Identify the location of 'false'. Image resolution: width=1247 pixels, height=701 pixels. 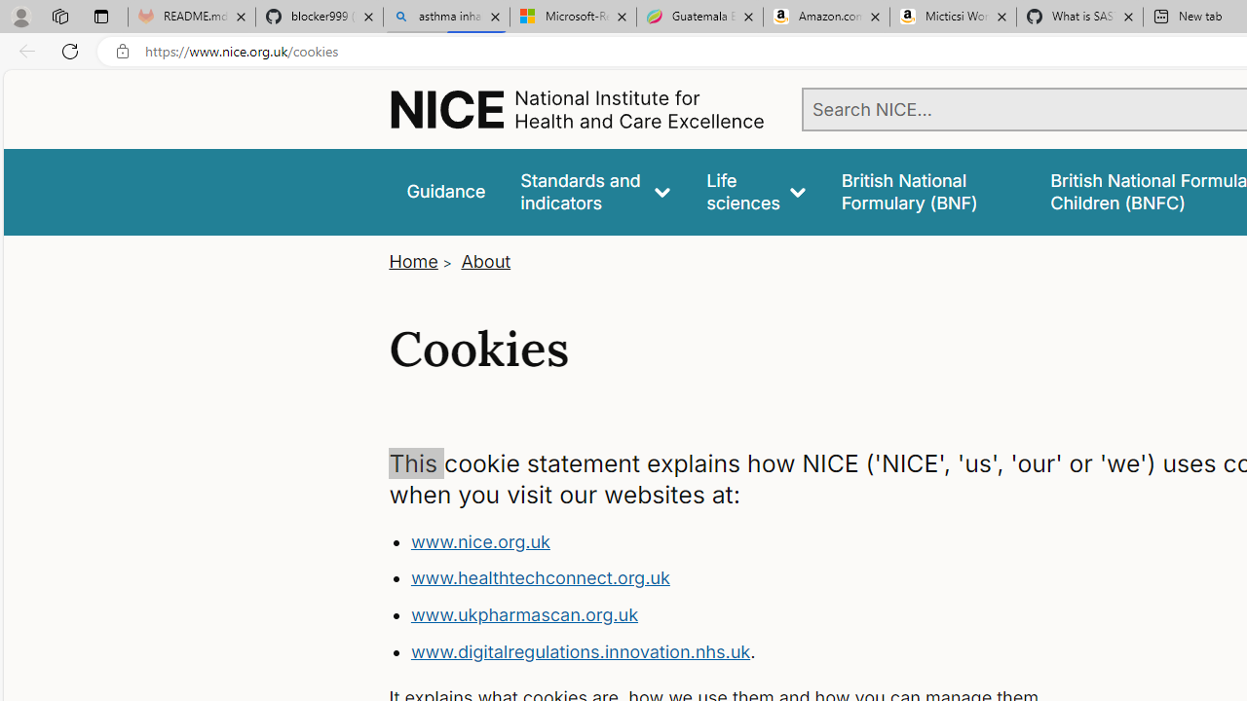
(926, 192).